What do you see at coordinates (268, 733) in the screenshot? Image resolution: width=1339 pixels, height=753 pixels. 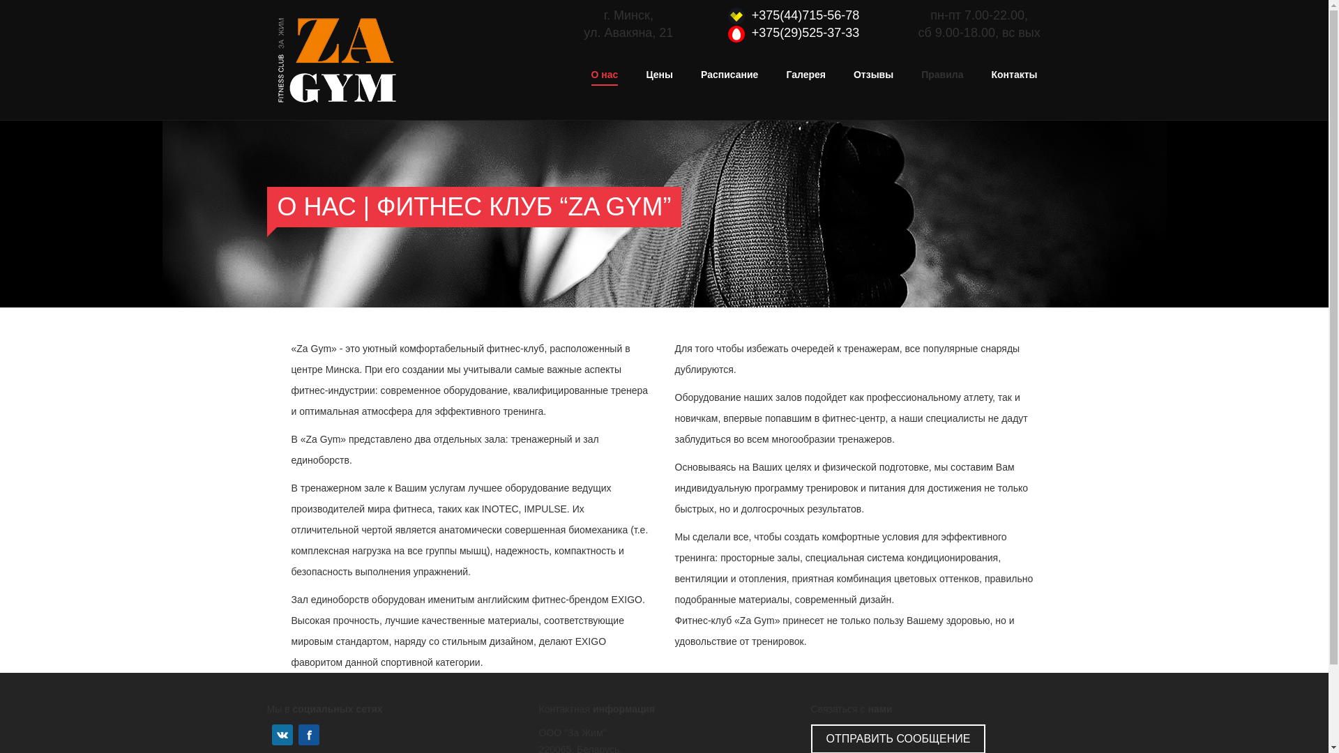 I see `' '` at bounding box center [268, 733].